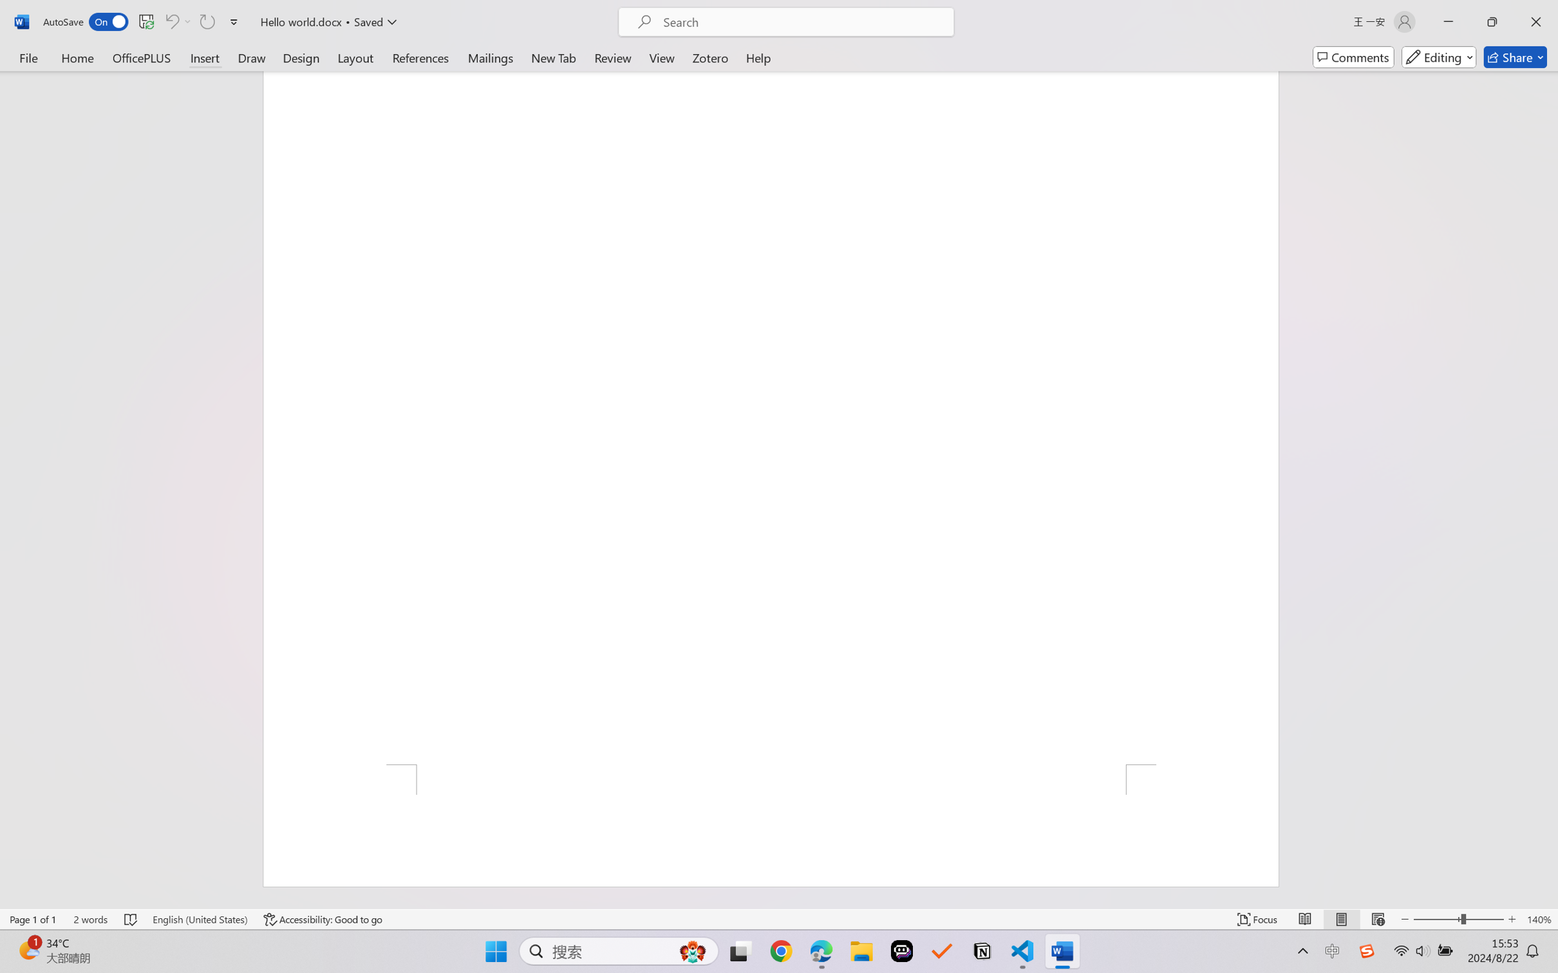 The image size is (1558, 973). I want to click on 'Restore Down', so click(1492, 21).